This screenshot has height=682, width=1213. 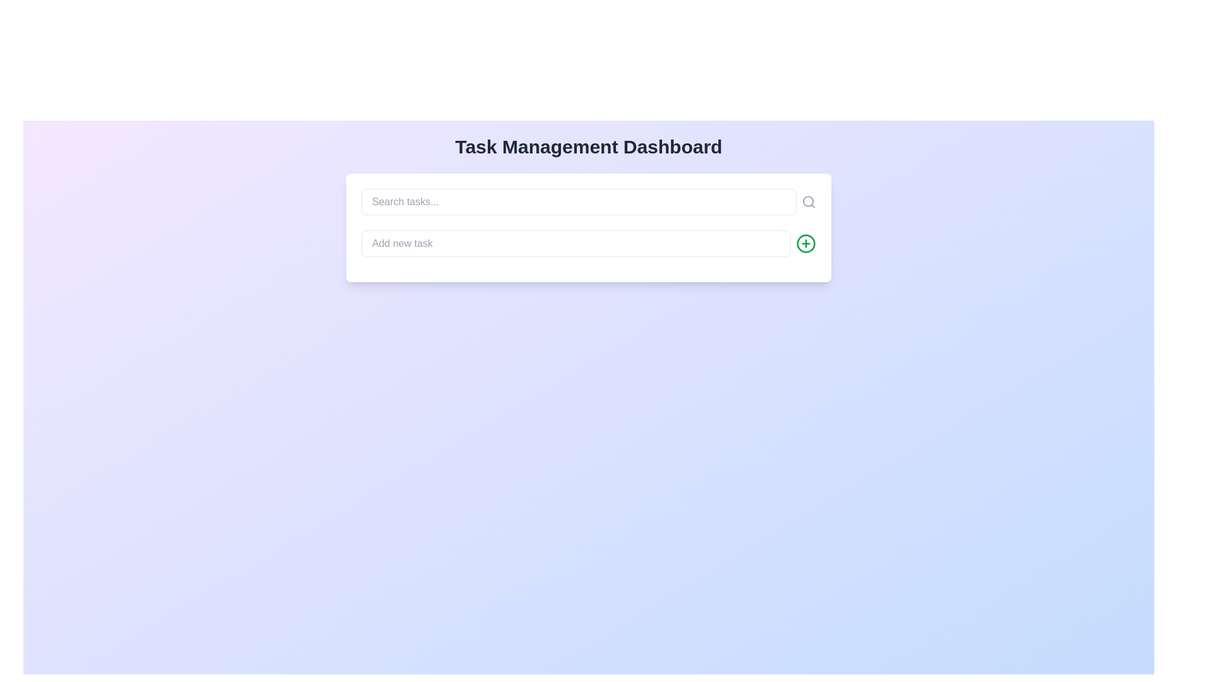 What do you see at coordinates (806, 243) in the screenshot?
I see `the circular green outlined button with a green plus sign (+)` at bounding box center [806, 243].